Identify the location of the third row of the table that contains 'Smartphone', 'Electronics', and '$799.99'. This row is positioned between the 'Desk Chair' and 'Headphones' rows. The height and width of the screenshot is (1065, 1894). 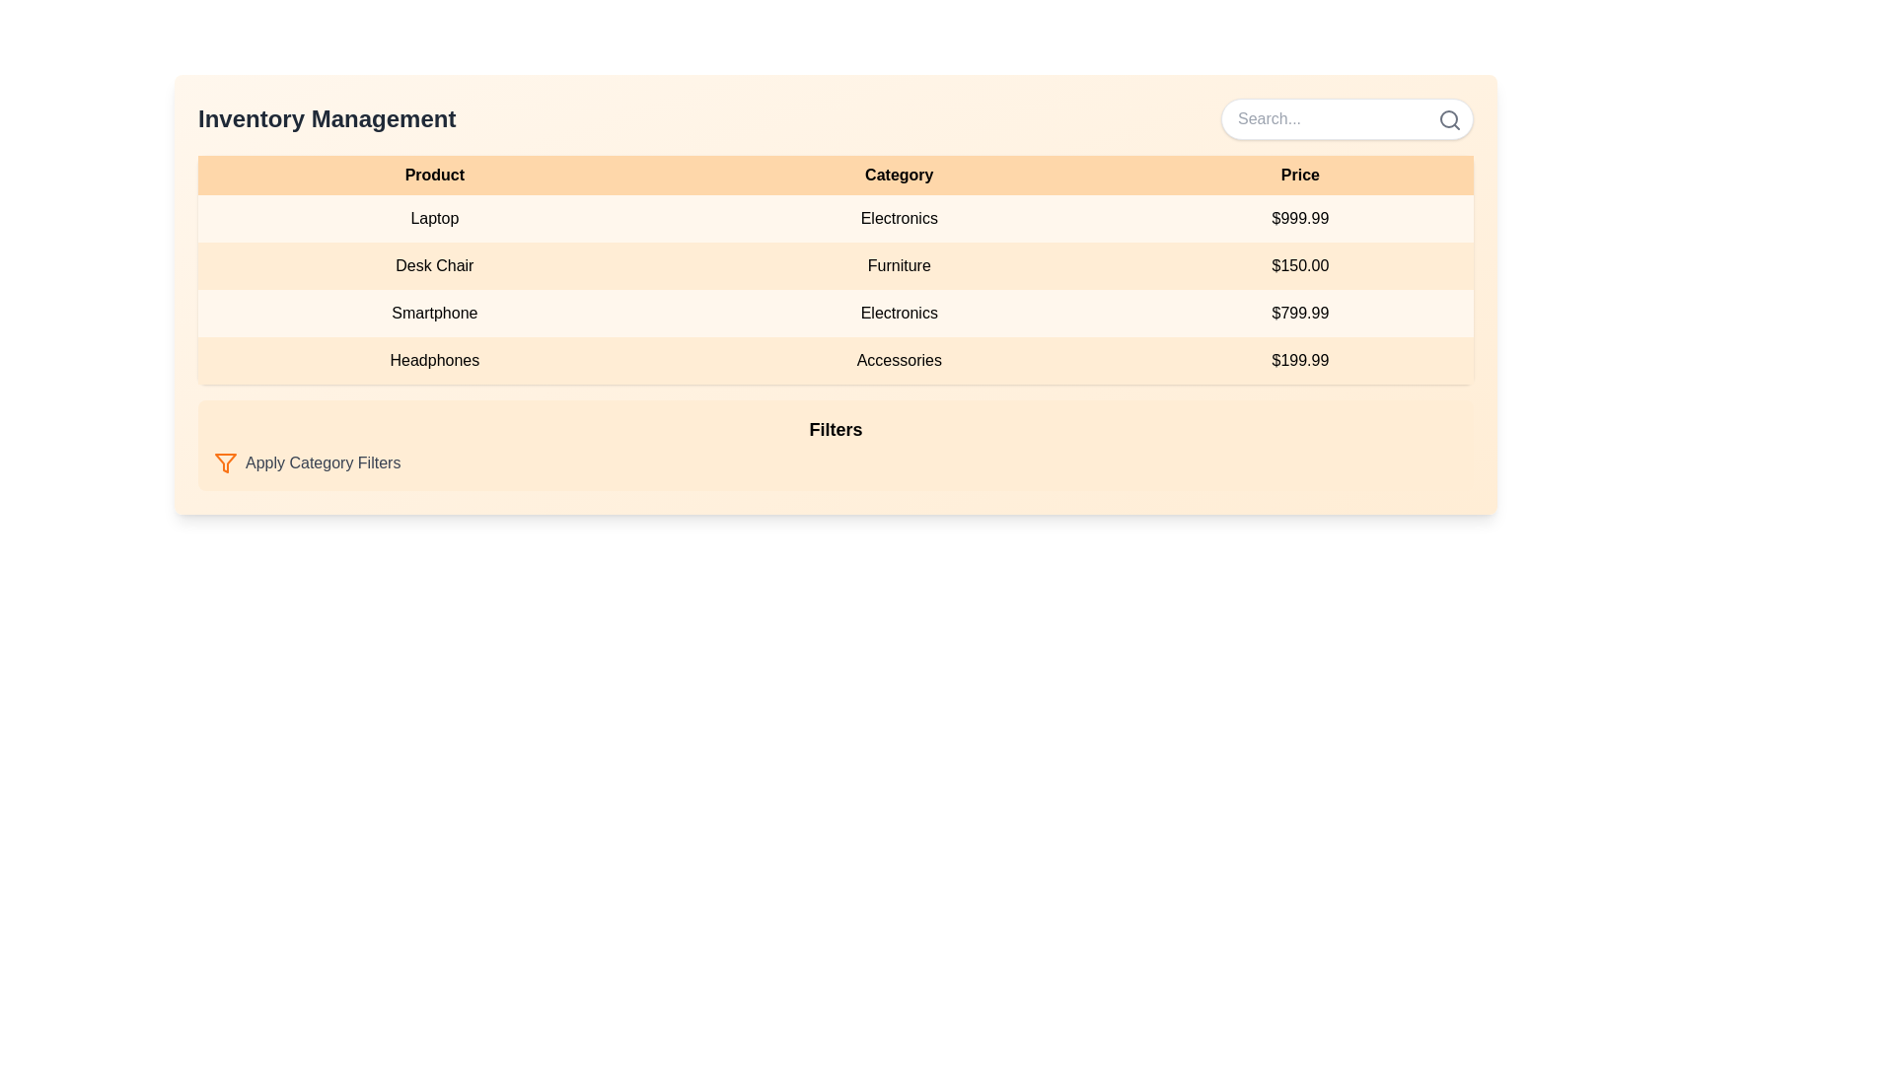
(836, 312).